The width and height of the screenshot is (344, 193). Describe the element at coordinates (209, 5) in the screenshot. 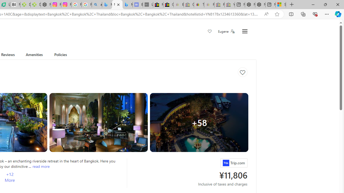

I see `'Payments Terms of Use | eBay.com - Sleeping'` at that location.